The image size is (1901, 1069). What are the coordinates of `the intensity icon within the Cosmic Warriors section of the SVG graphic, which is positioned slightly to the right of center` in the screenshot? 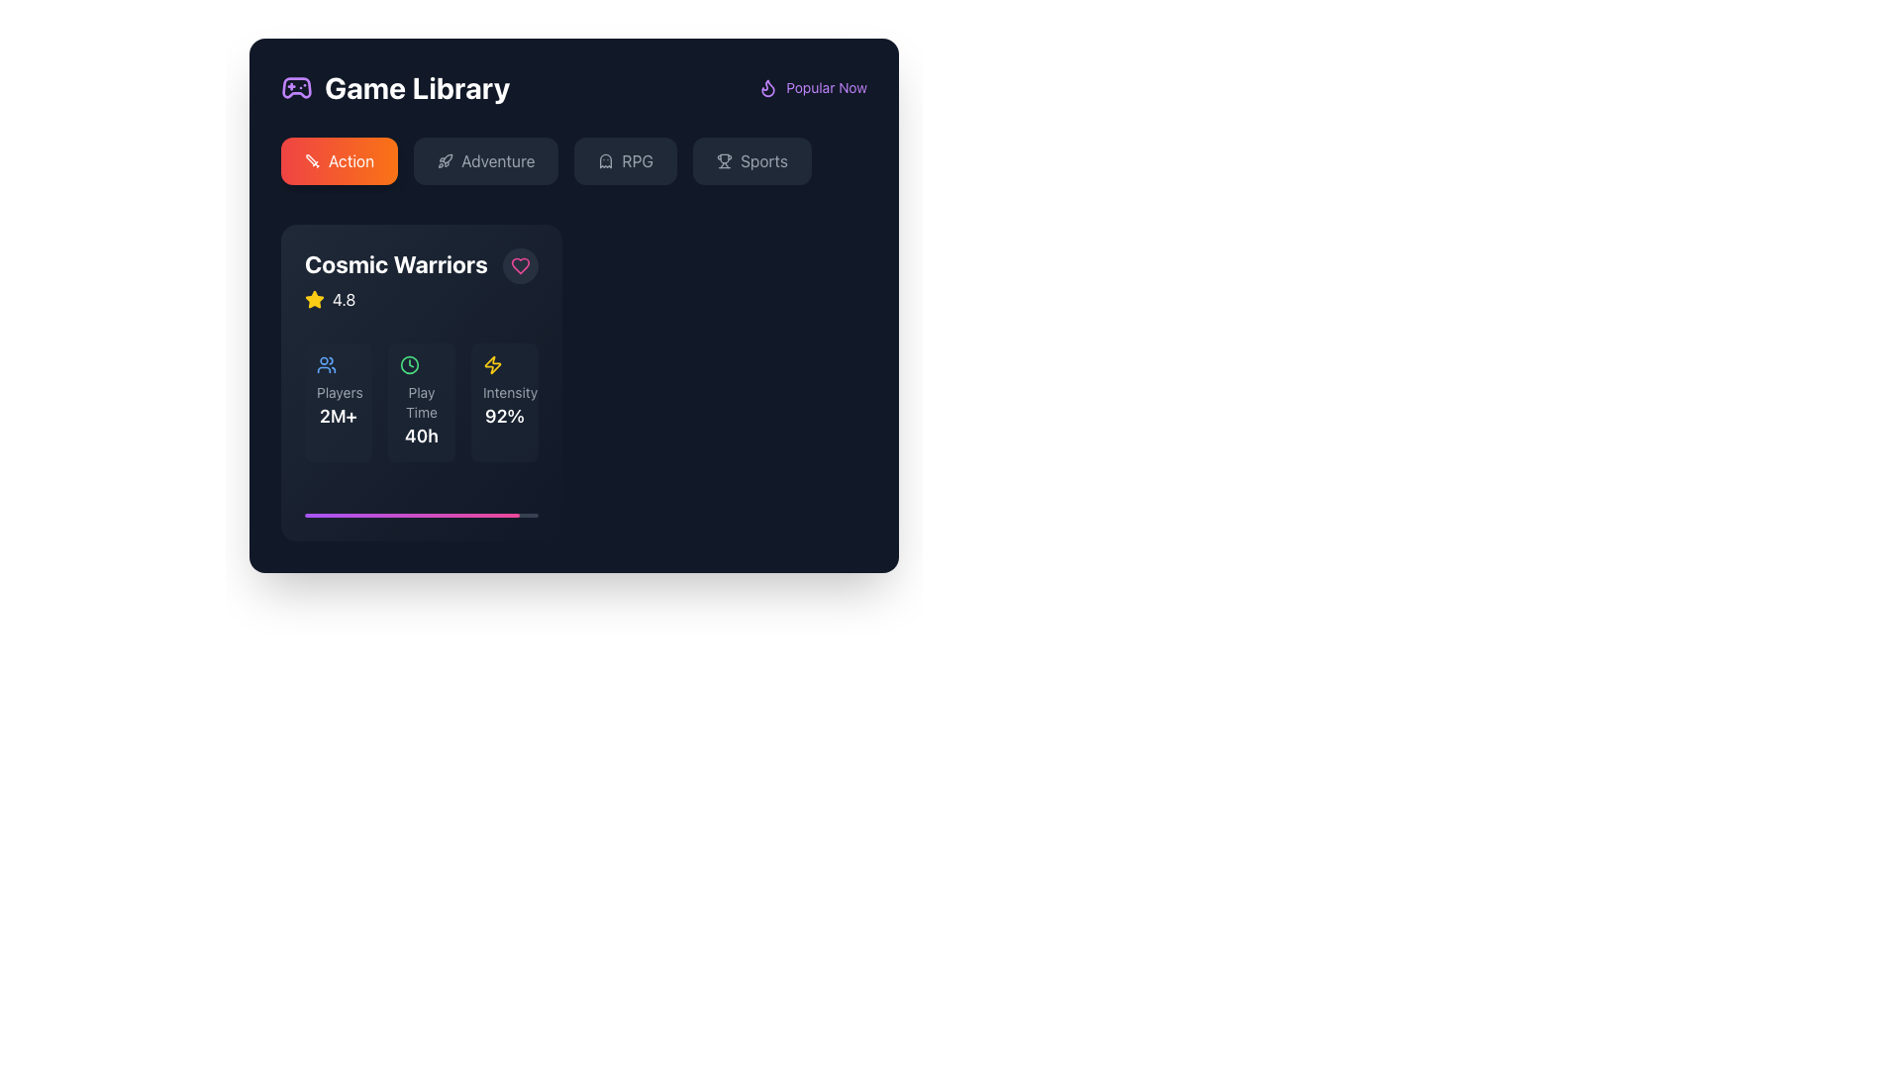 It's located at (493, 365).